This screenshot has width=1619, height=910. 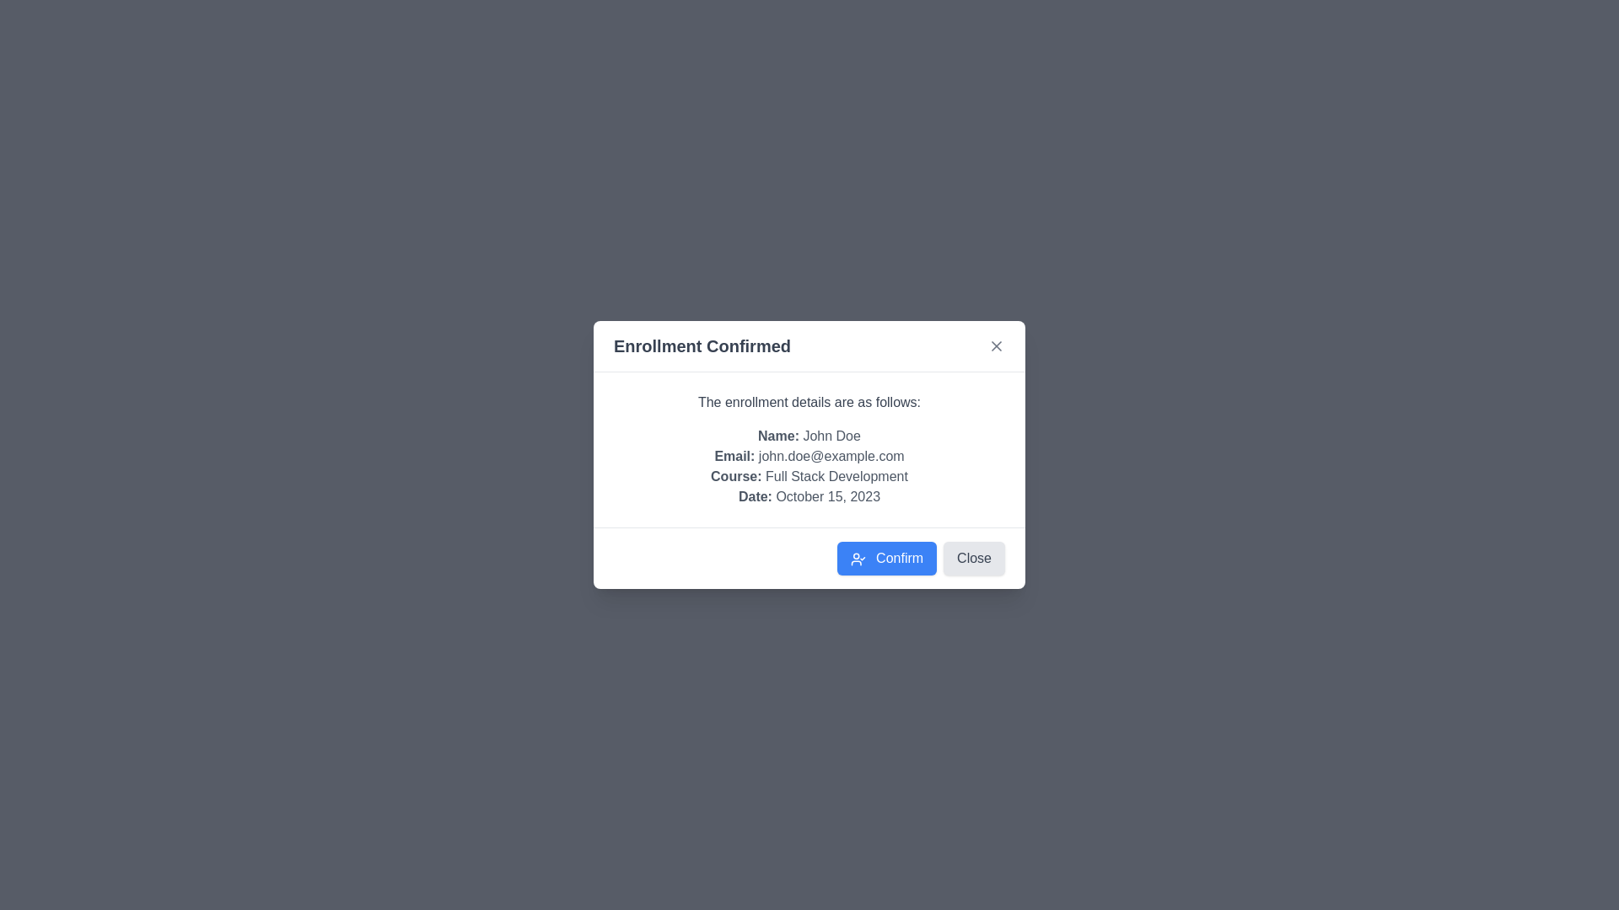 What do you see at coordinates (885, 559) in the screenshot?
I see `the 'Confirm' button to confirm the enrollment details` at bounding box center [885, 559].